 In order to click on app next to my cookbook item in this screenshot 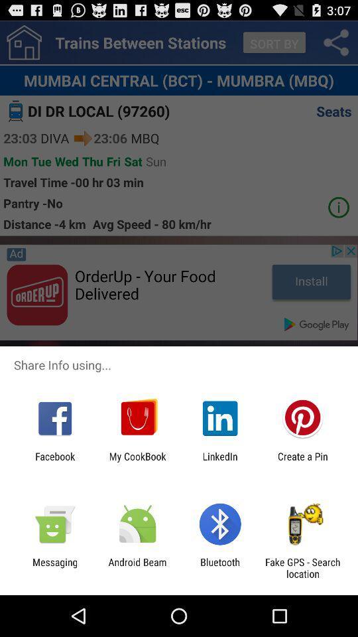, I will do `click(54, 462)`.